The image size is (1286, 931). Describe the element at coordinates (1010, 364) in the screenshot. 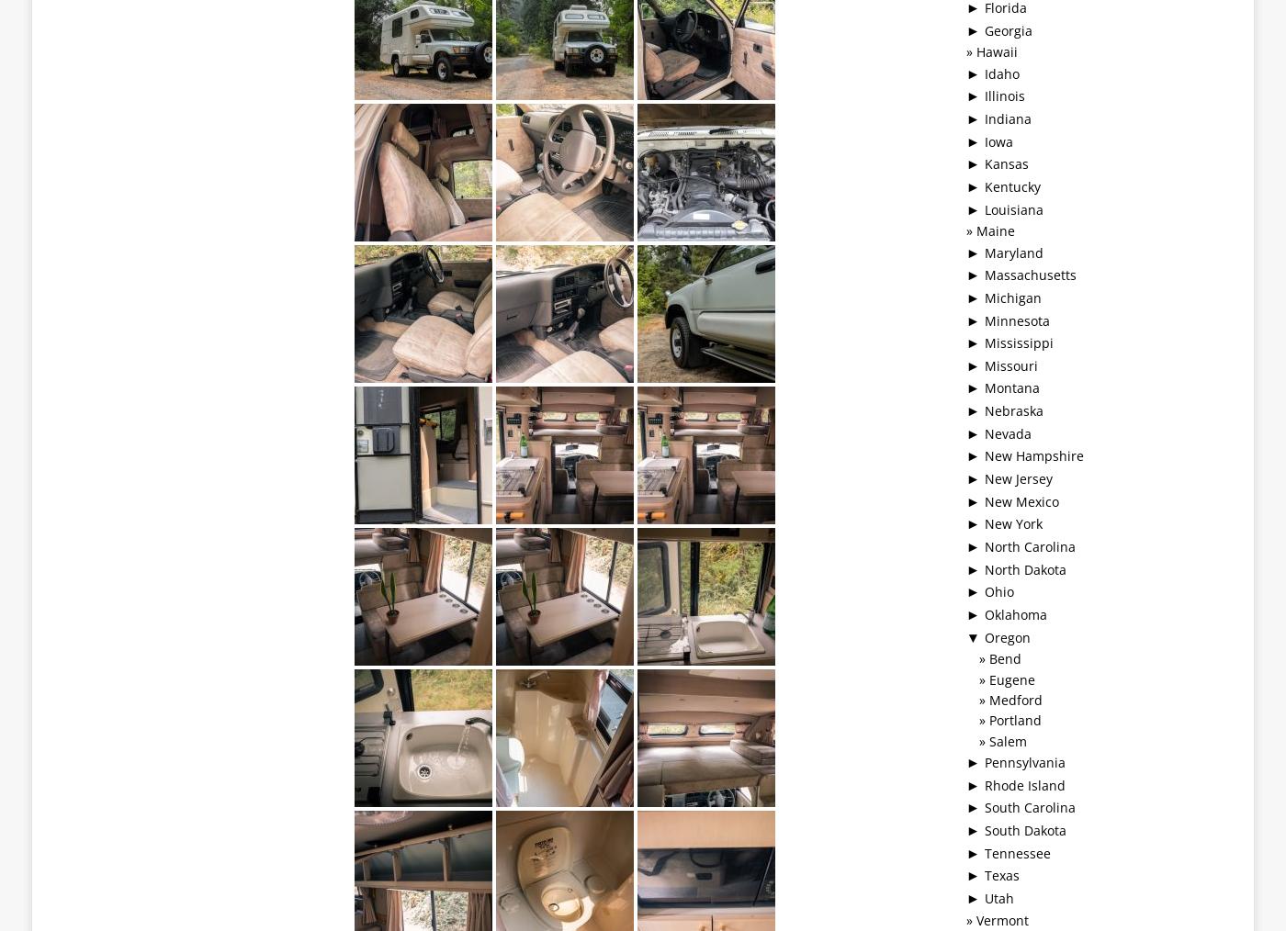

I see `'Missouri'` at that location.